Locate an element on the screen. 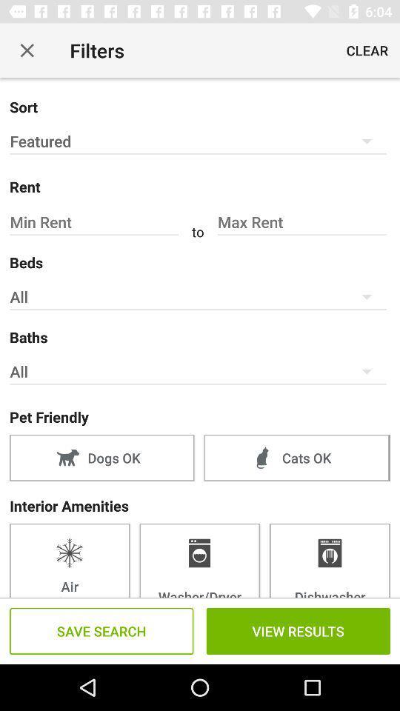 This screenshot has height=711, width=400. the item to the right of dogs ok is located at coordinates (296, 457).